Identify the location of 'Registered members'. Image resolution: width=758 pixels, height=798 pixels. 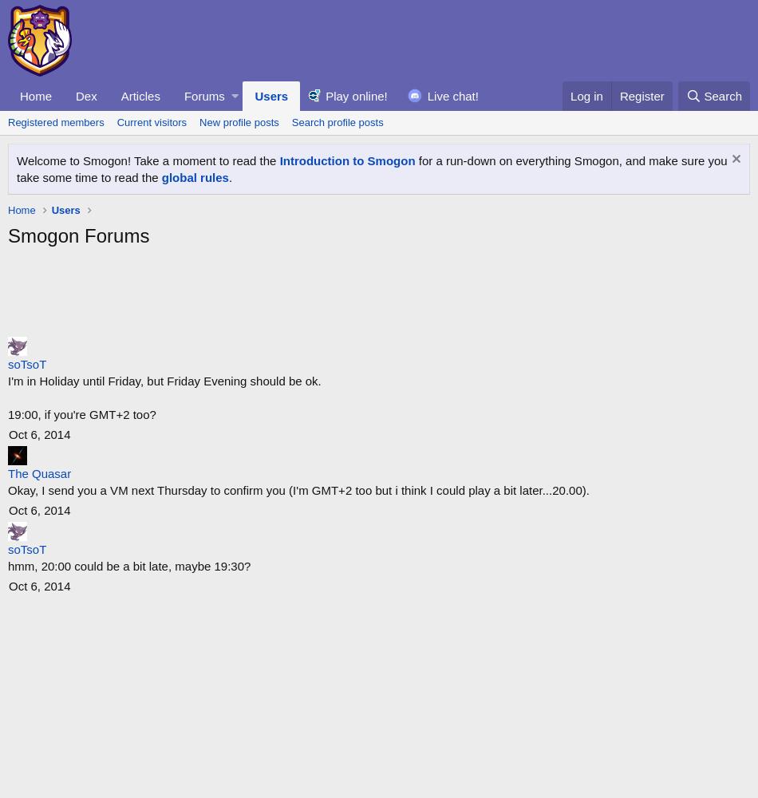
(7, 121).